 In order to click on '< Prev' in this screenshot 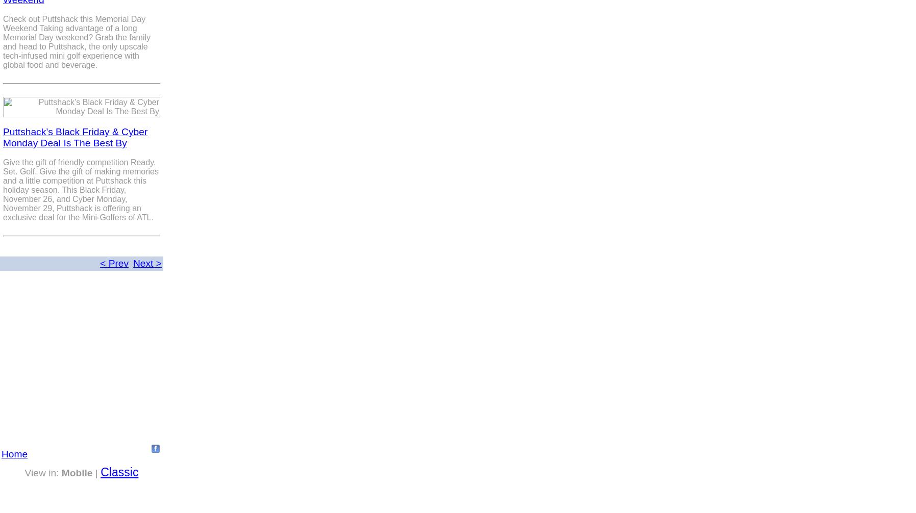, I will do `click(114, 263)`.